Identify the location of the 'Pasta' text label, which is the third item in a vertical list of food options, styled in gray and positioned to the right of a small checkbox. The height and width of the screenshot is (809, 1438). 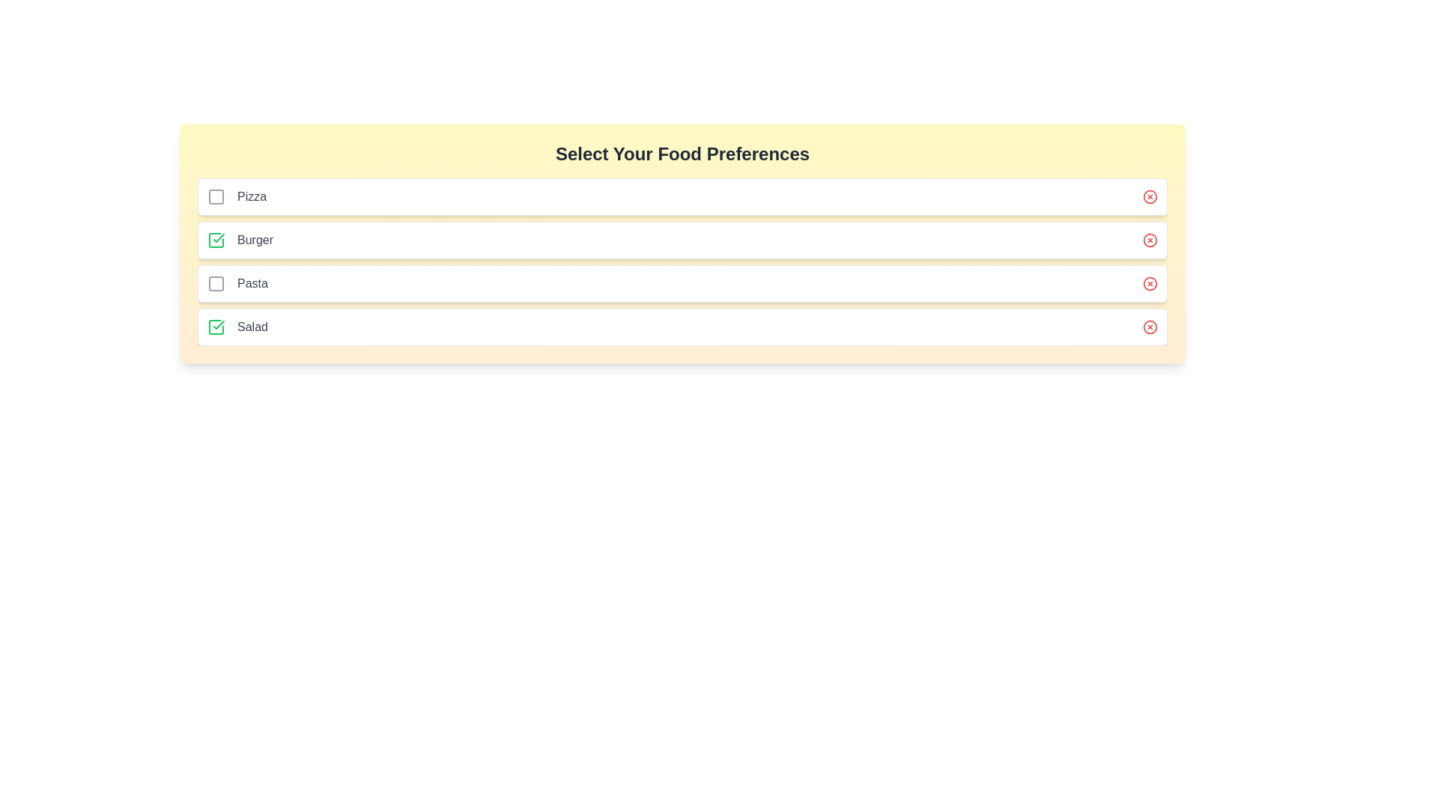
(237, 283).